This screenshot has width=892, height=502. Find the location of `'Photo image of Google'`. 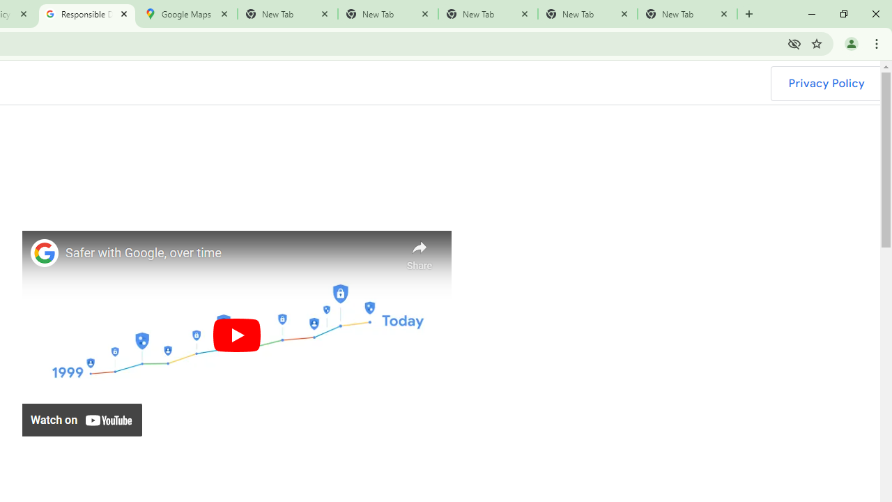

'Photo image of Google' is located at coordinates (45, 252).